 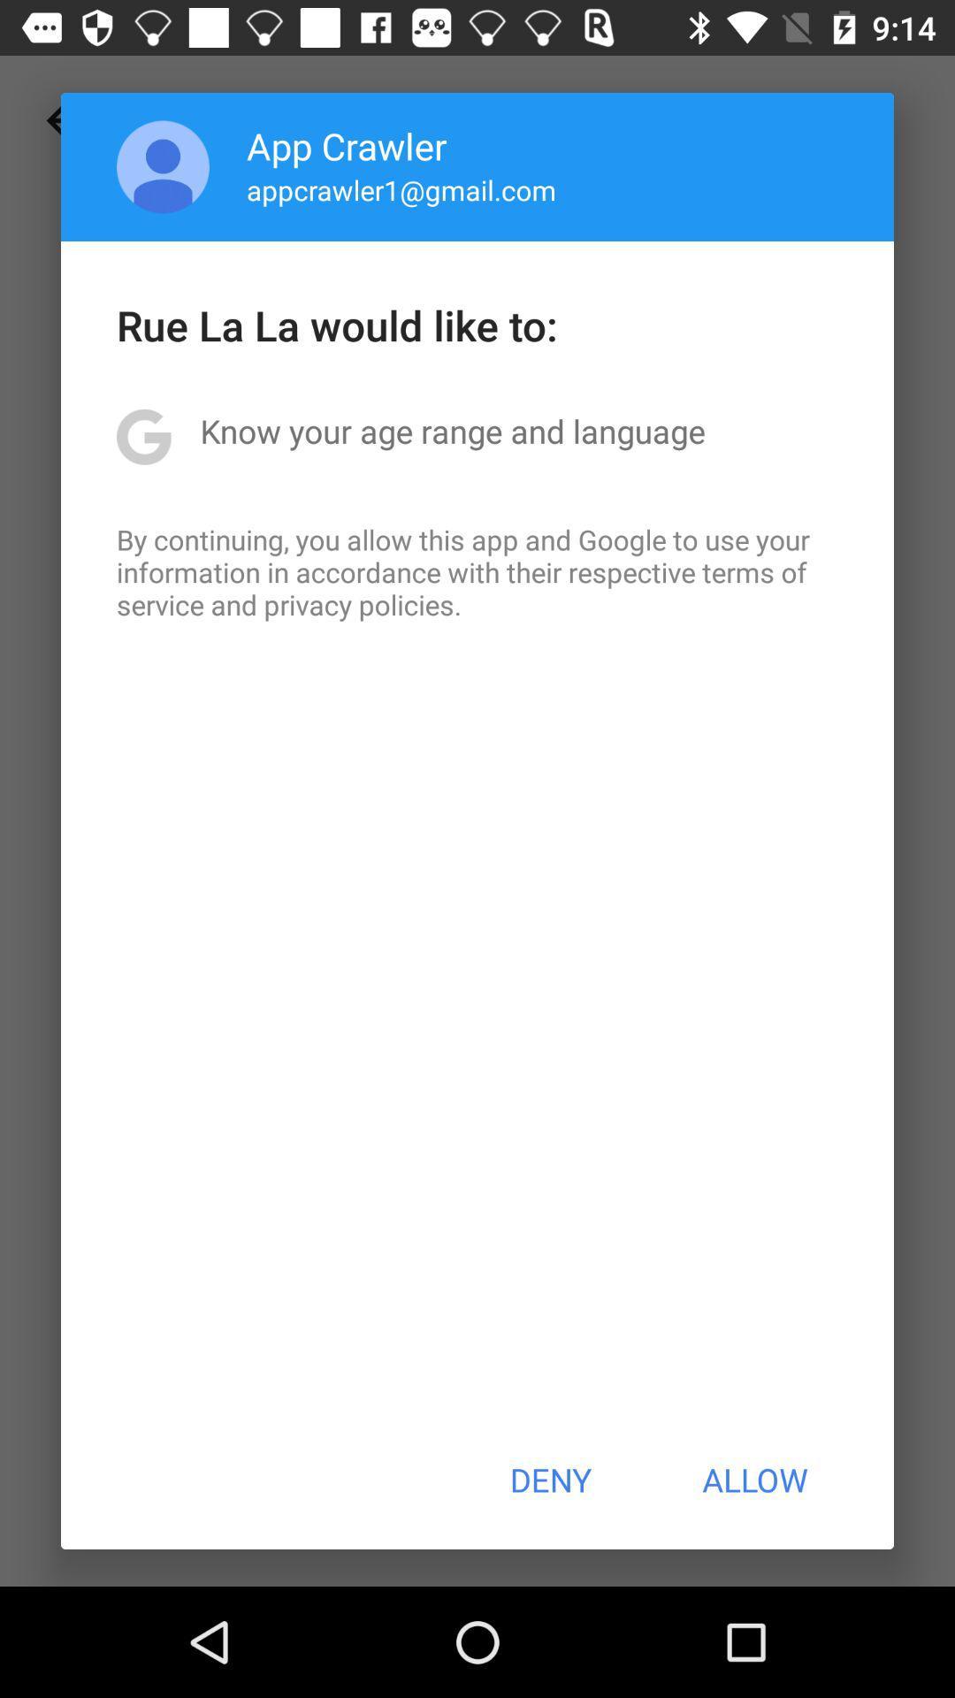 I want to click on the item to the left of the allow, so click(x=549, y=1480).